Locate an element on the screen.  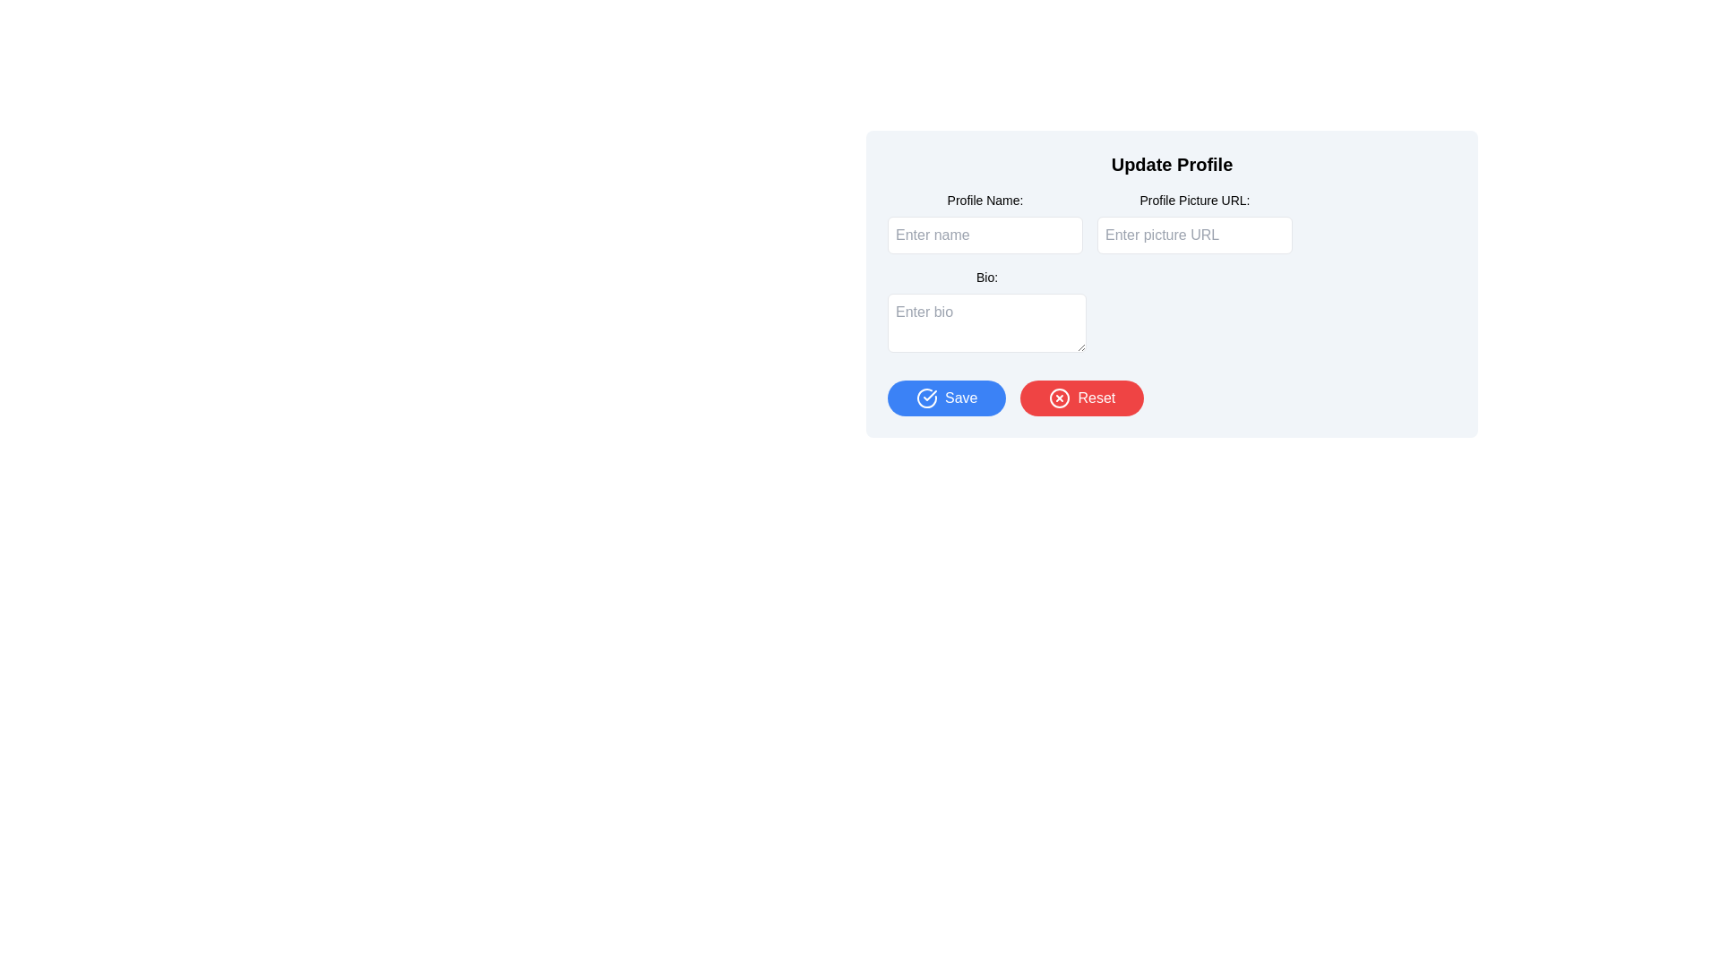
the circular icon with a checkmark inside, which is located to the left of the 'Save' text within the blue button is located at coordinates (927, 397).